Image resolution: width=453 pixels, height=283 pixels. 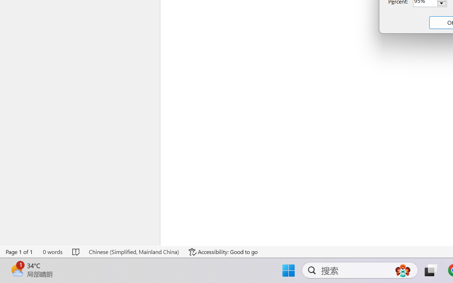 I want to click on 'Language Chinese (Simplified, Mainland China)', so click(x=134, y=252).